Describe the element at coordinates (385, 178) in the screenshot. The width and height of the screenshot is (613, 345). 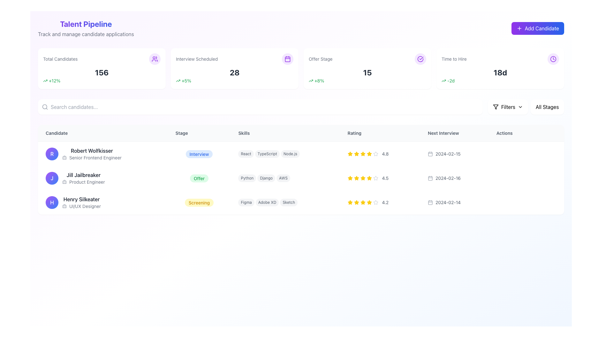
I see `numerical rating text associated with the candidate in the second row of the data table, located in the 'Rating' column next to yellow star icons` at that location.